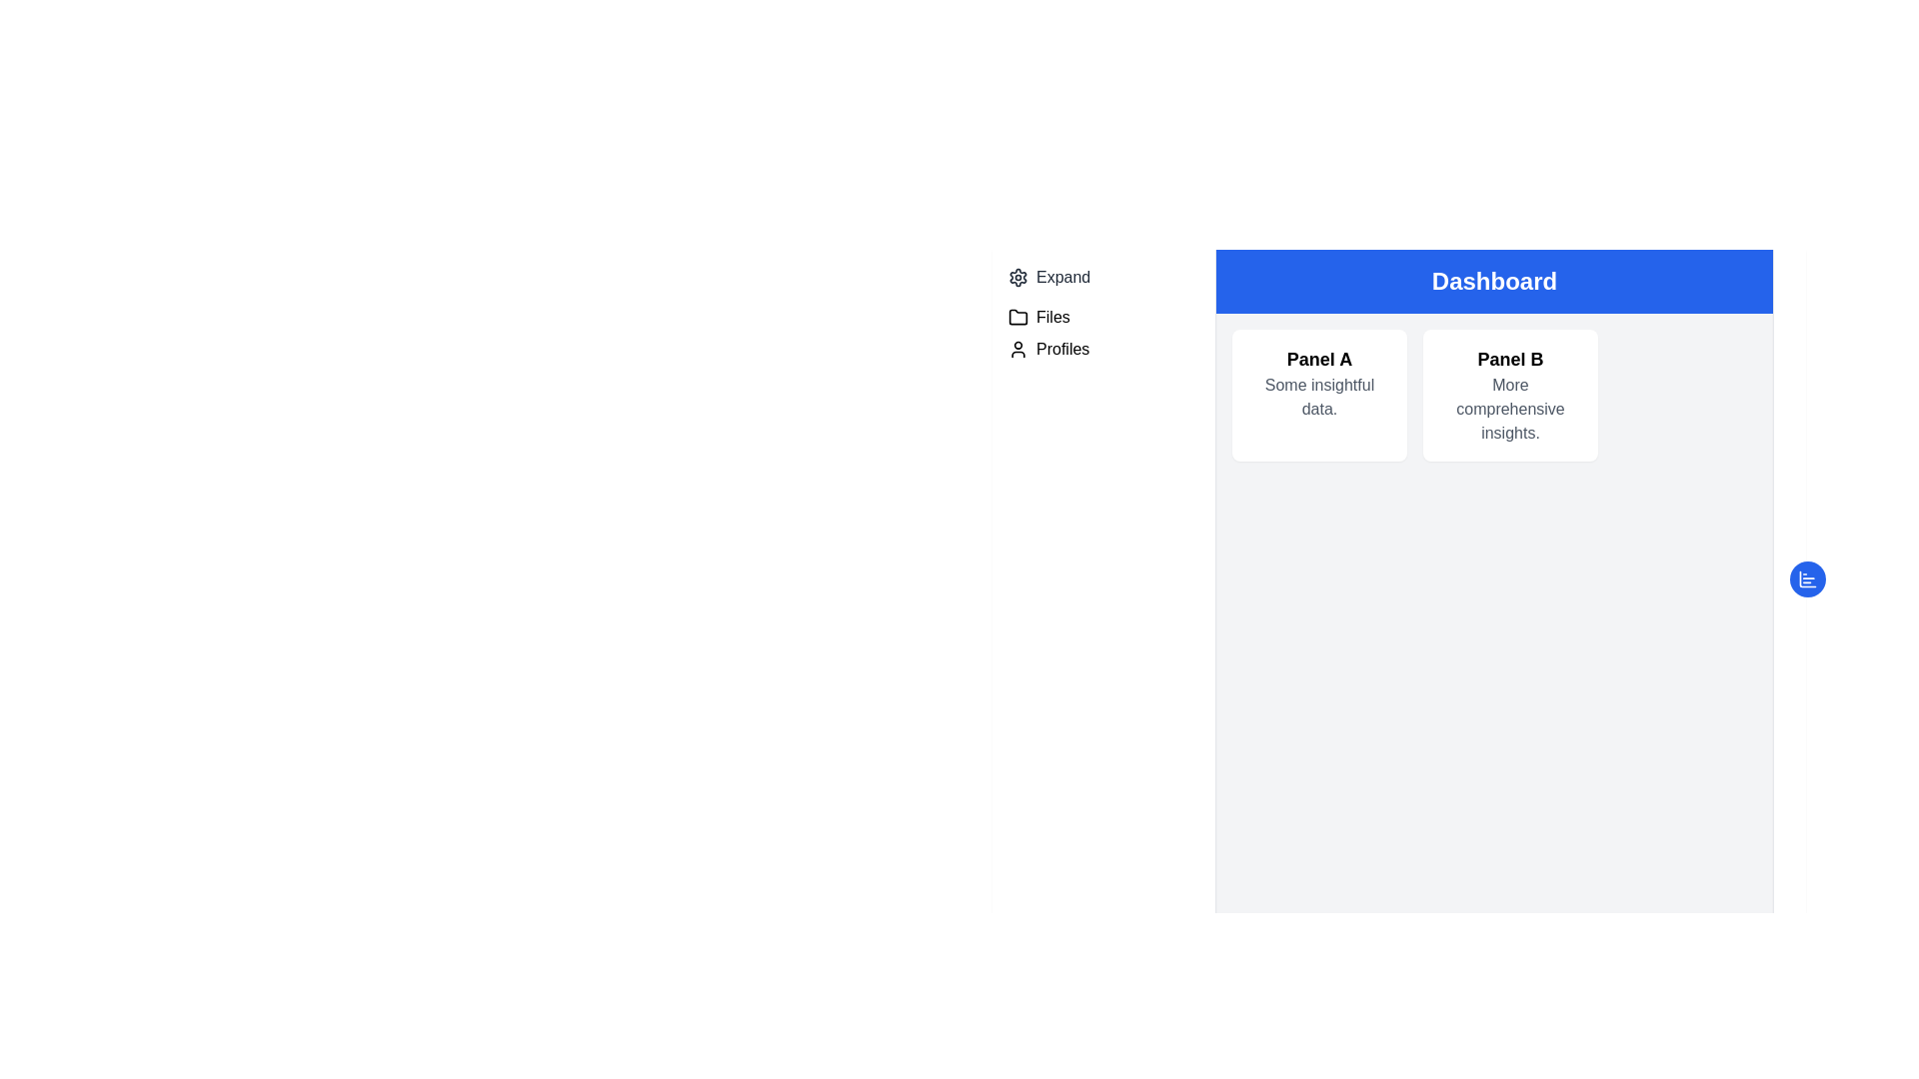 The width and height of the screenshot is (1919, 1079). I want to click on the Navigation link that redirects to the 'Profiles' section, located below the 'Files' entry in the vertical menu, so click(1102, 349).